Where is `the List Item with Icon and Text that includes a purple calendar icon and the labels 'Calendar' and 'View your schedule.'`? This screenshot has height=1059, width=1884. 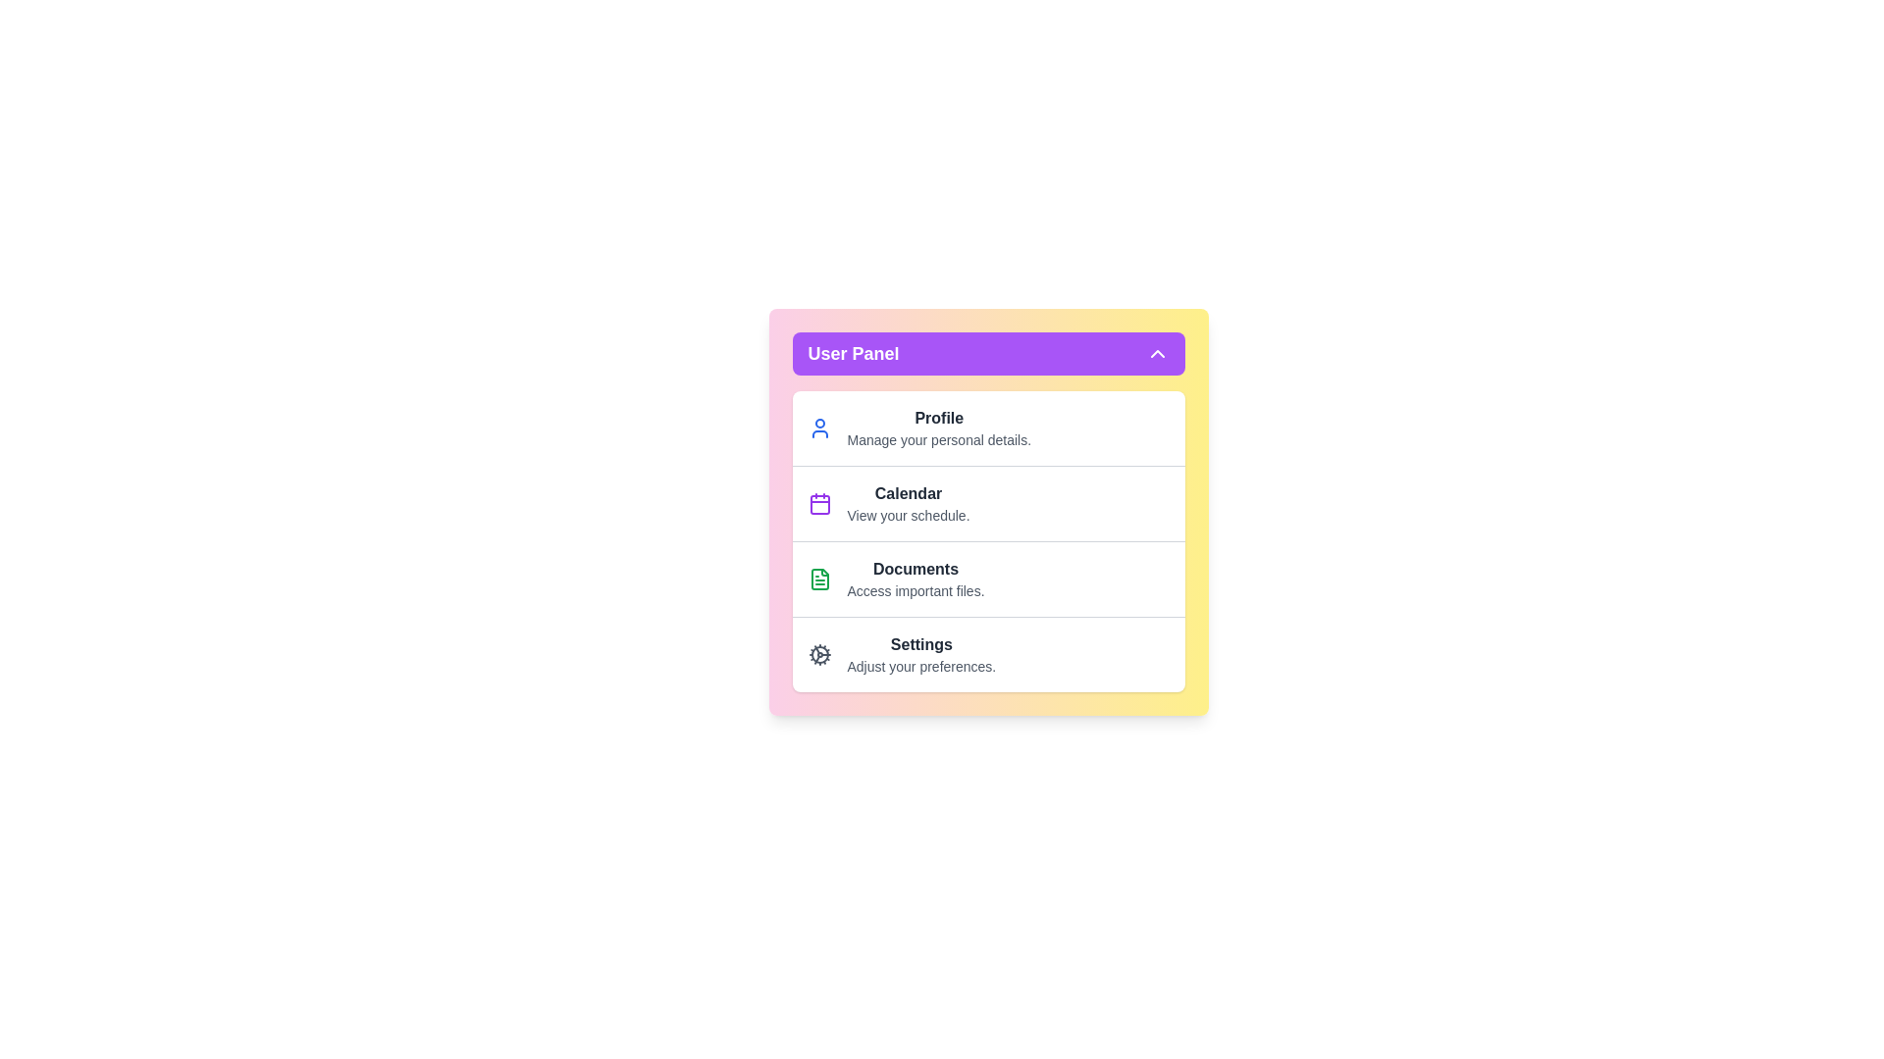
the List Item with Icon and Text that includes a purple calendar icon and the labels 'Calendar' and 'View your schedule.' is located at coordinates (988, 502).